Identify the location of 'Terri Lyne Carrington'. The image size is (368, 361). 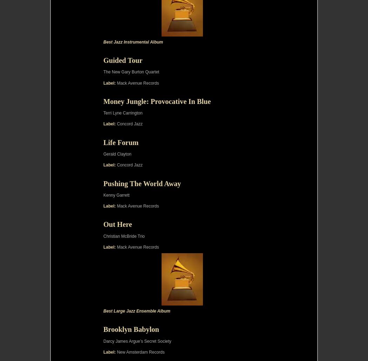
(122, 113).